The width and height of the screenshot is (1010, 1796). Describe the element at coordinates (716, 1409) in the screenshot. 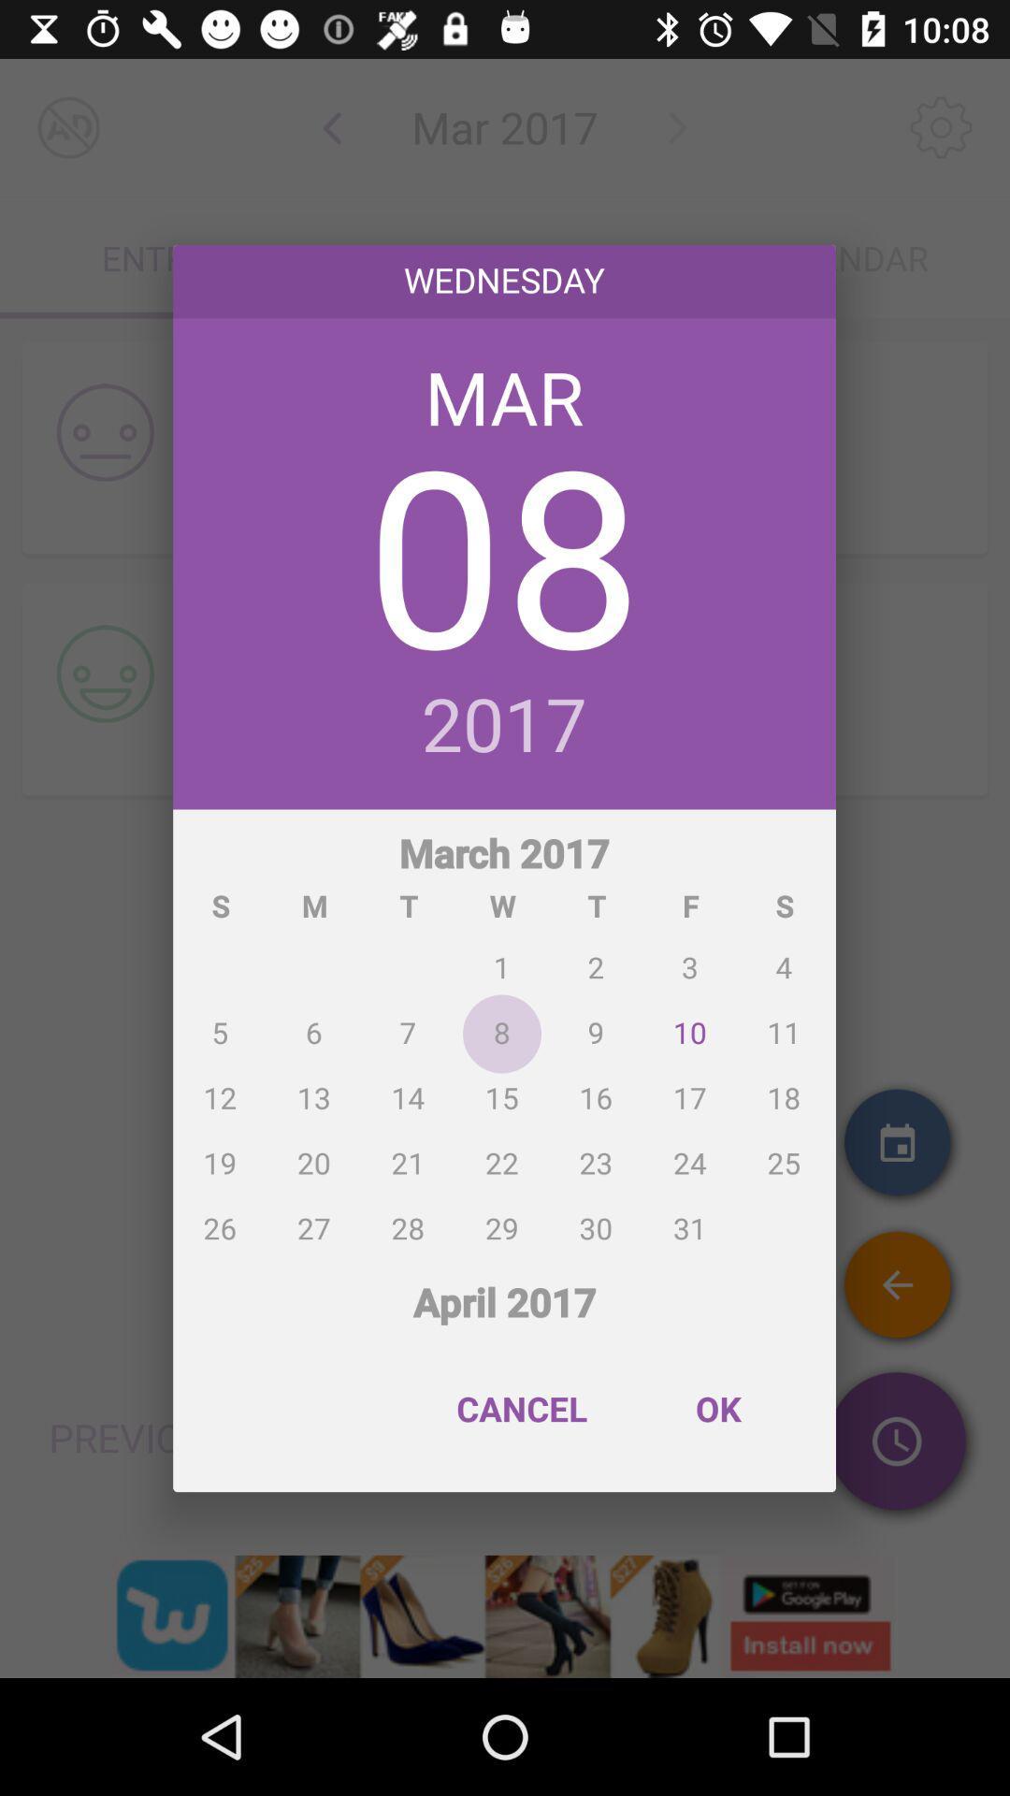

I see `button to the right of the cancel icon` at that location.